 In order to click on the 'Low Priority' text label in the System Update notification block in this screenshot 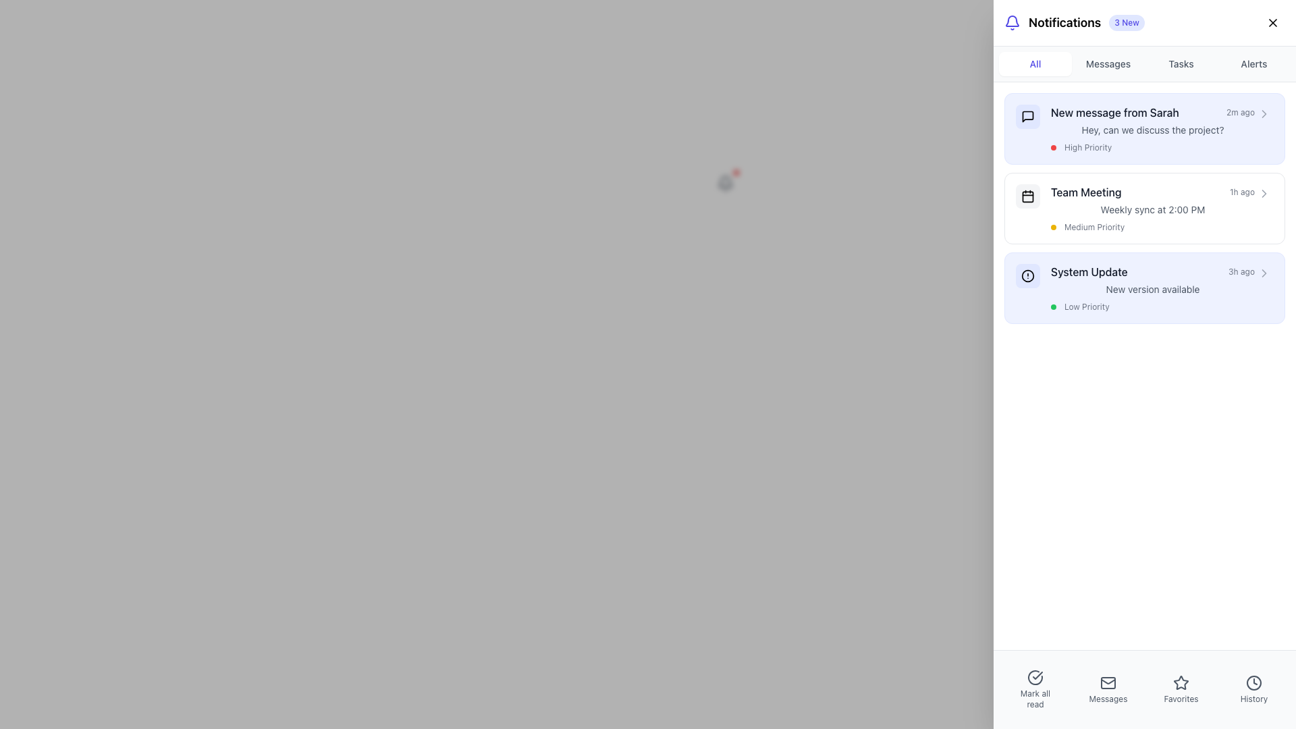, I will do `click(1087, 307)`.